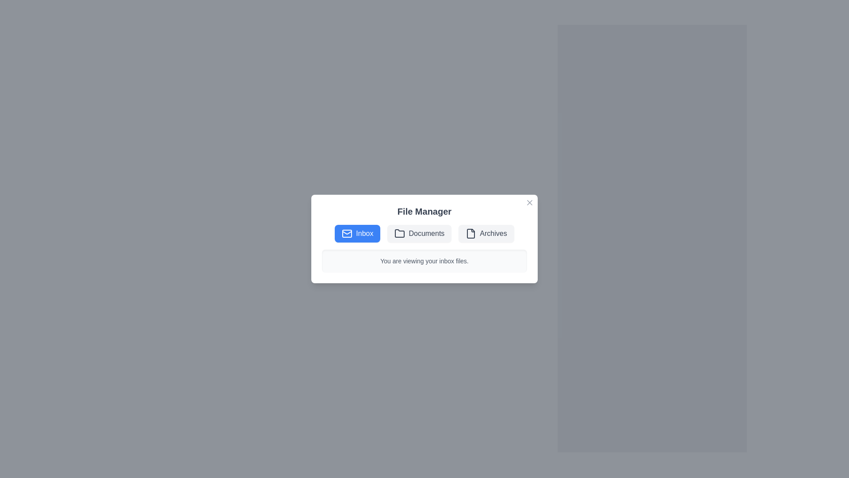 Image resolution: width=849 pixels, height=478 pixels. What do you see at coordinates (347, 233) in the screenshot?
I see `the mail icon depicted as an envelope, which is part of the blue button labeled 'Inbox' in the 'File Manager' modal` at bounding box center [347, 233].